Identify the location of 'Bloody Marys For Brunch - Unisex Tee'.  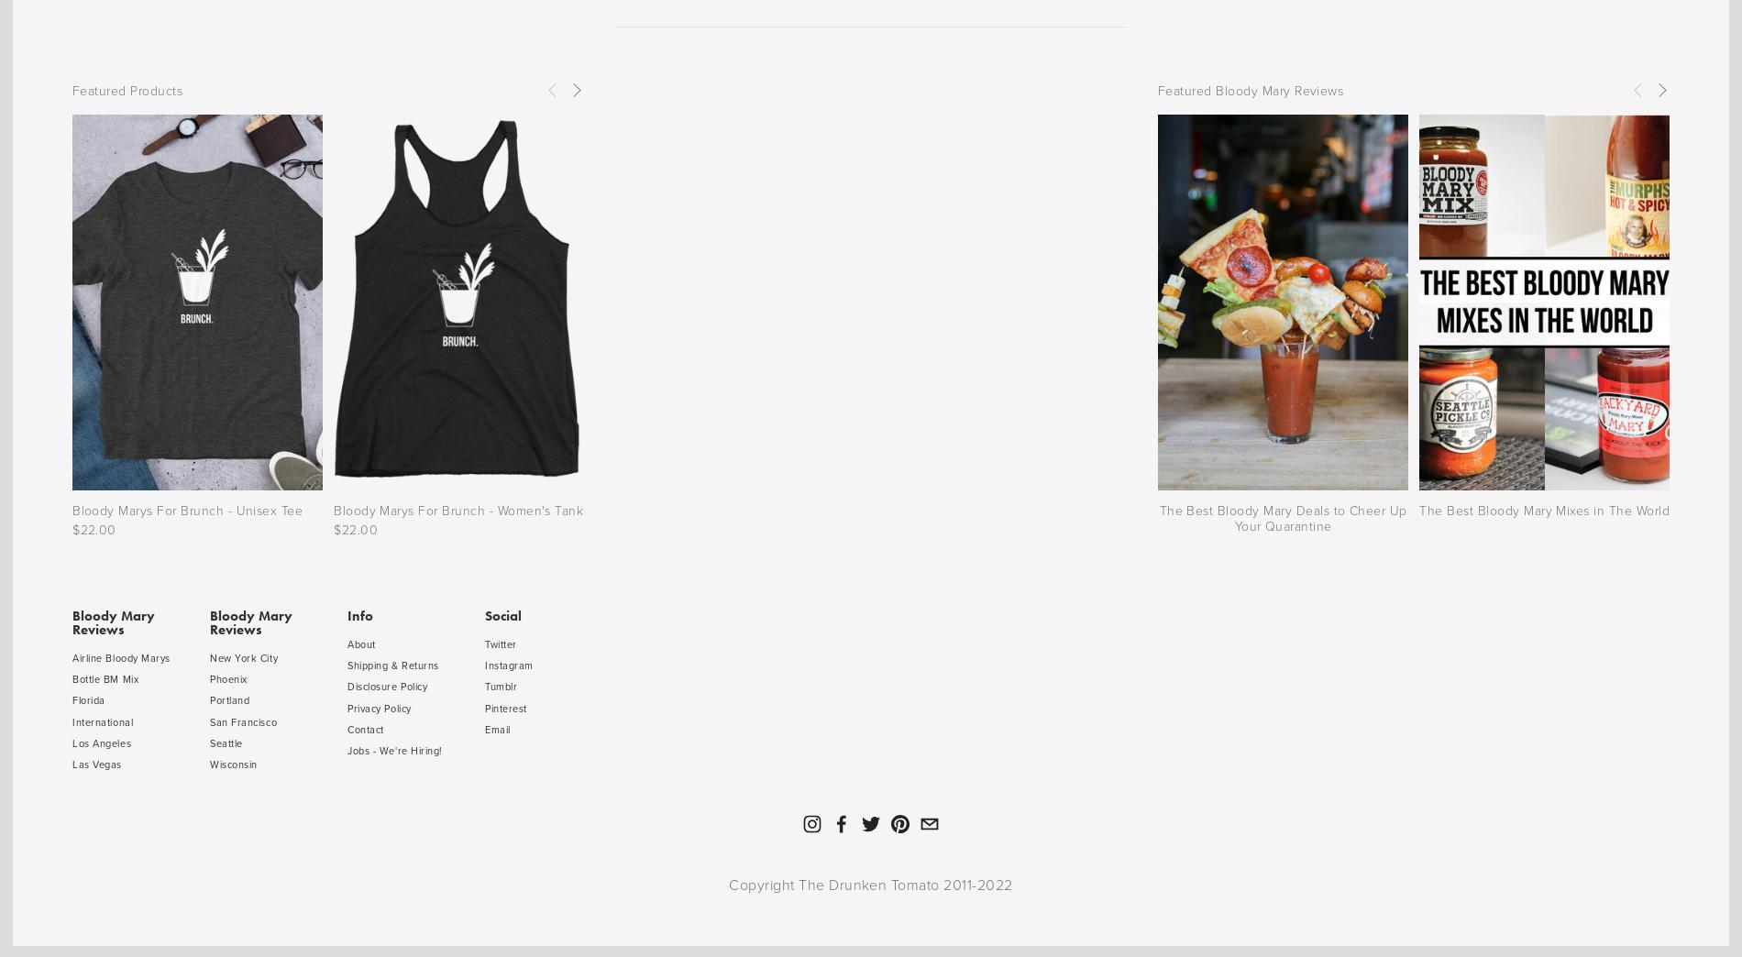
(187, 510).